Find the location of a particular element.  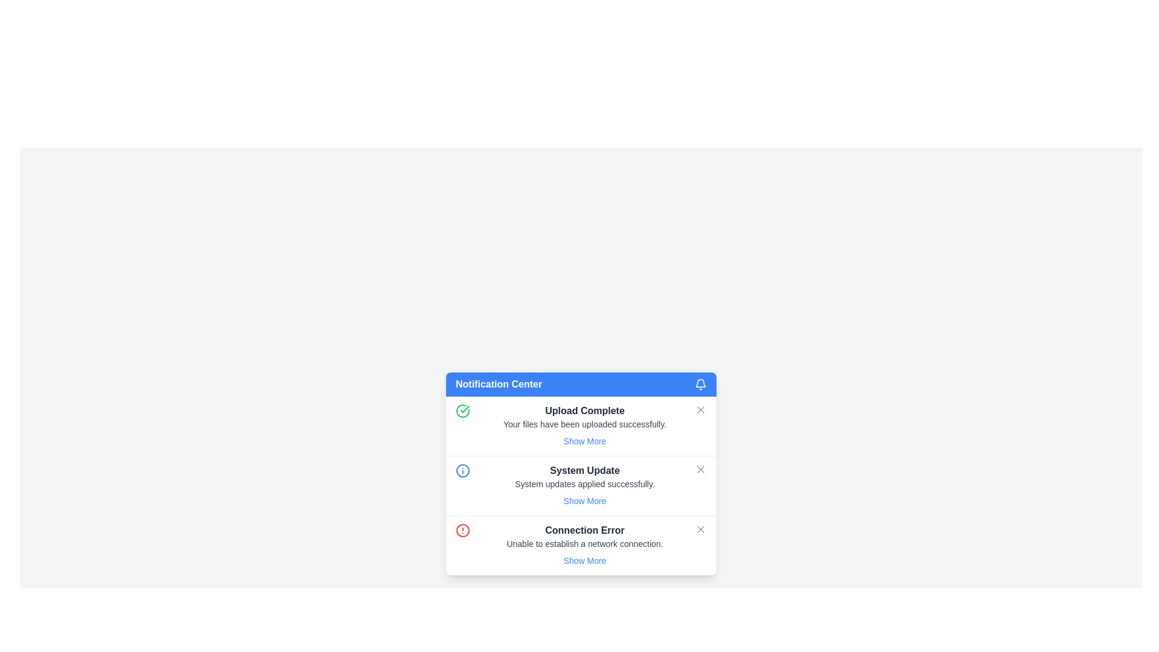

the title text of the second notification entry in the notification panel, which is located between the 'Upload Complete' title and the description text is located at coordinates (585, 470).